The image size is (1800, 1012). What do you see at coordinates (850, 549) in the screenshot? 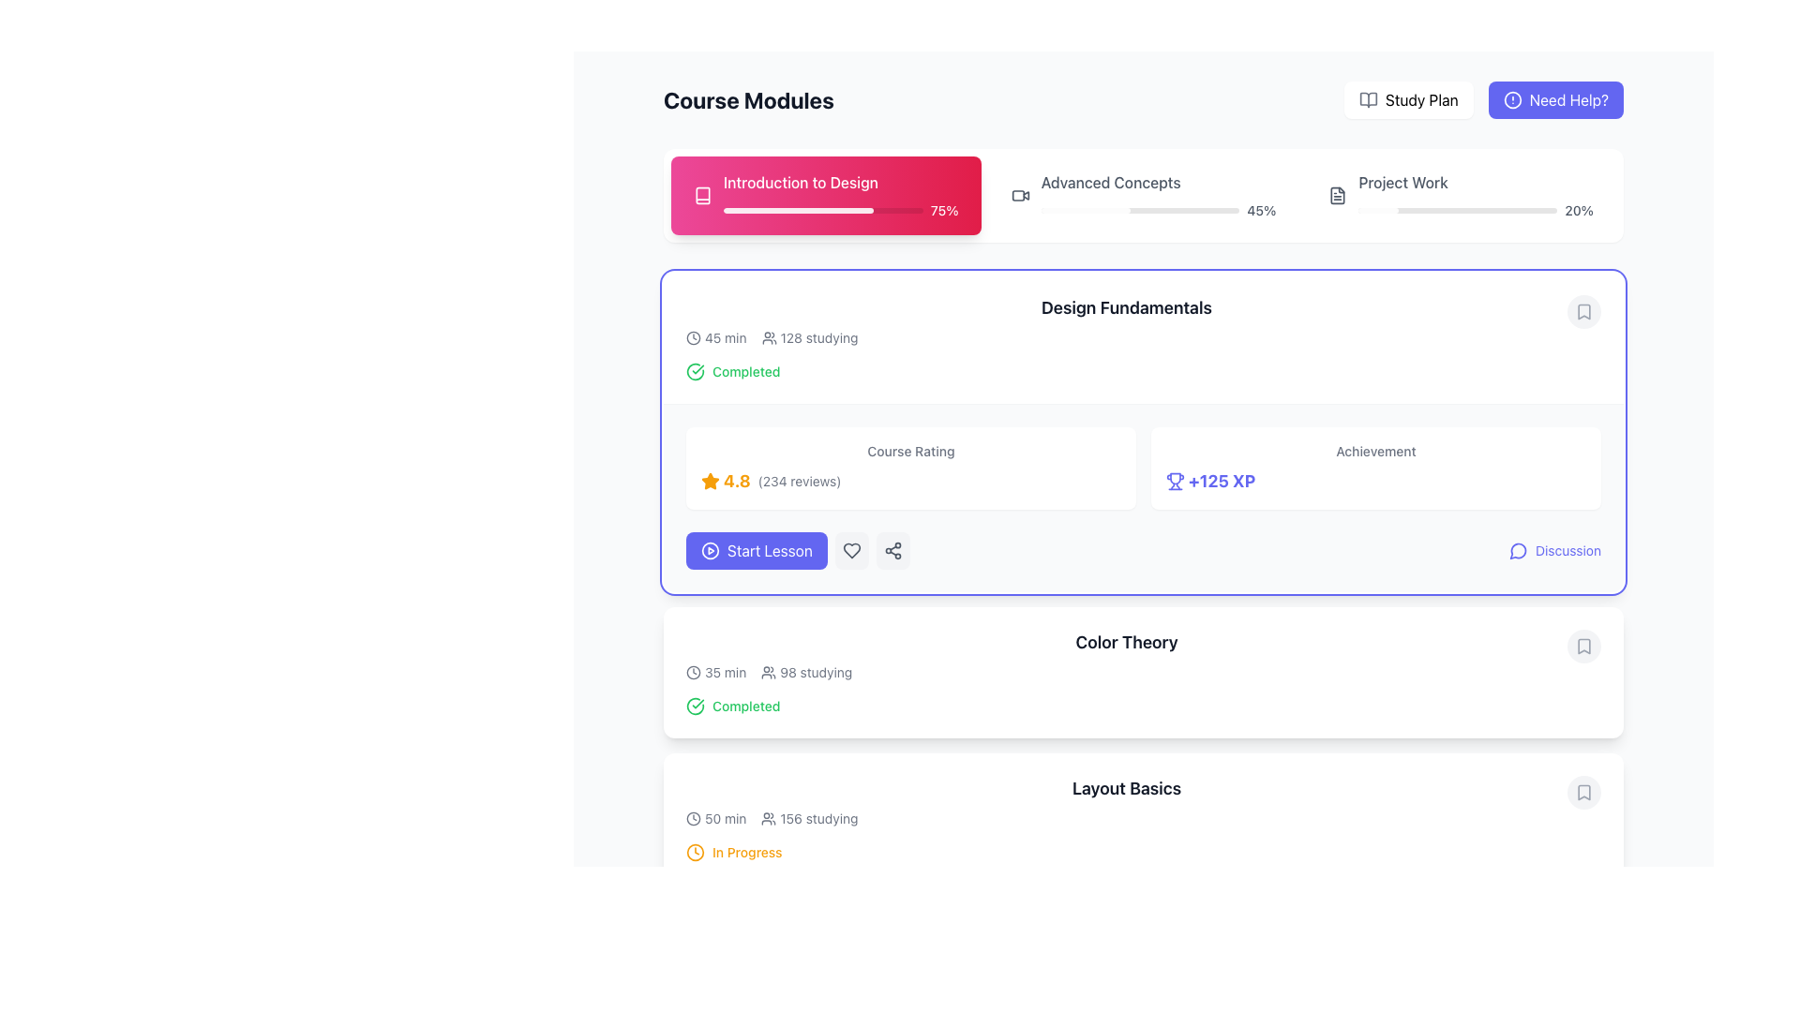
I see `the heart icon located at the top-right of the 'Design Fundamentals' module card` at bounding box center [850, 549].